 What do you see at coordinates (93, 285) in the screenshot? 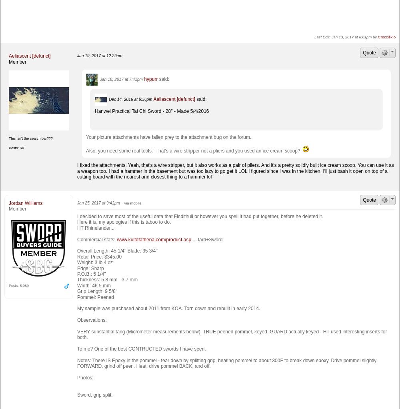
I see `'Width: 46.5 mm'` at bounding box center [93, 285].